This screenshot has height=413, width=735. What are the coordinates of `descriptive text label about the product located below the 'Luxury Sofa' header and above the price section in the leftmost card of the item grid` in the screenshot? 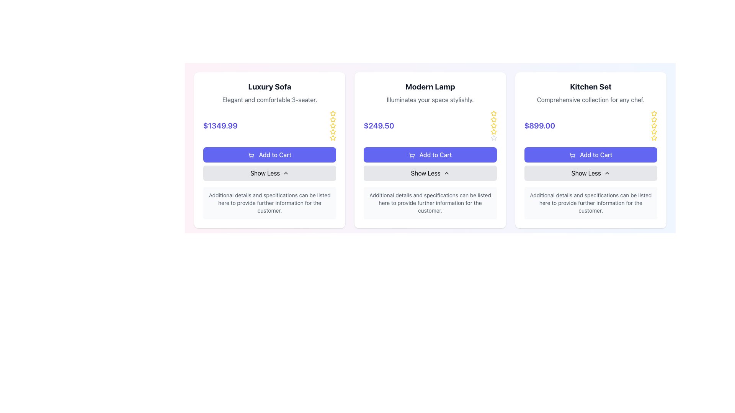 It's located at (269, 99).